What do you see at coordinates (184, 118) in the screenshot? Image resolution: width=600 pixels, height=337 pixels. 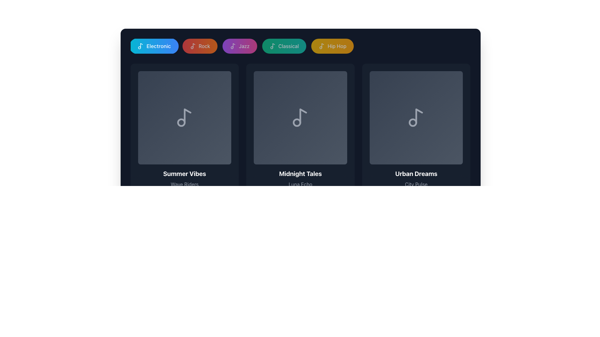 I see `the leftmost music card in the three-card layout` at bounding box center [184, 118].